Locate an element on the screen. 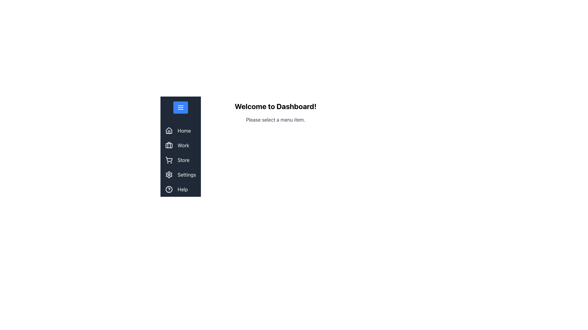 The width and height of the screenshot is (588, 330). the 'Home' text label in the left navigation panel is located at coordinates (184, 130).